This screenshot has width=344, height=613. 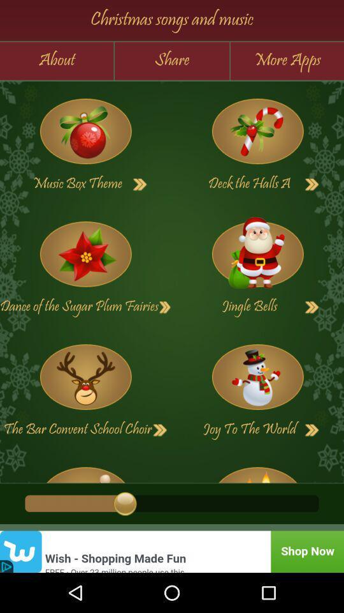 I want to click on go next, so click(x=312, y=430).